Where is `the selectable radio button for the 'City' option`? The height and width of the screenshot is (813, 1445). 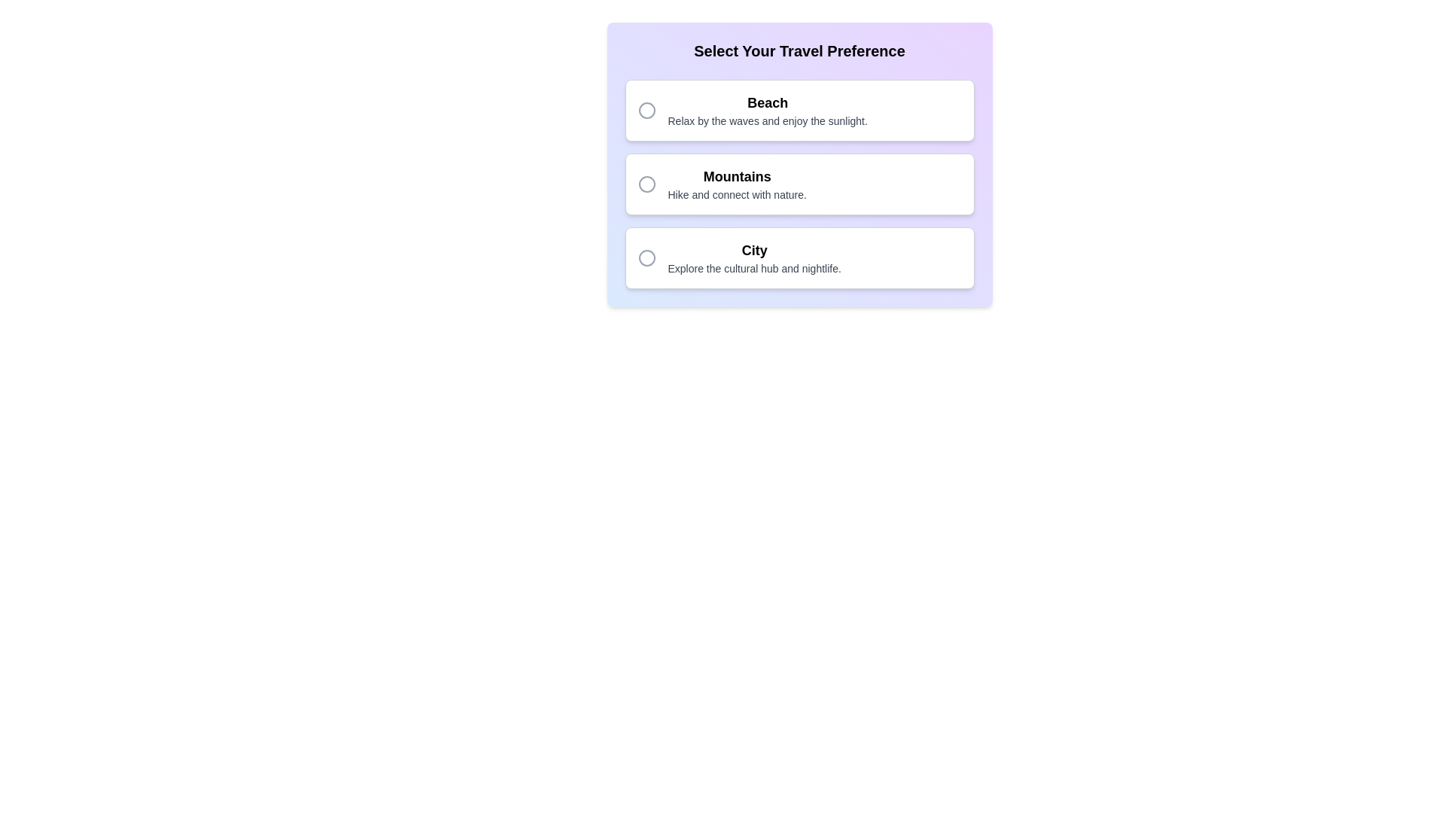 the selectable radio button for the 'City' option is located at coordinates (646, 257).